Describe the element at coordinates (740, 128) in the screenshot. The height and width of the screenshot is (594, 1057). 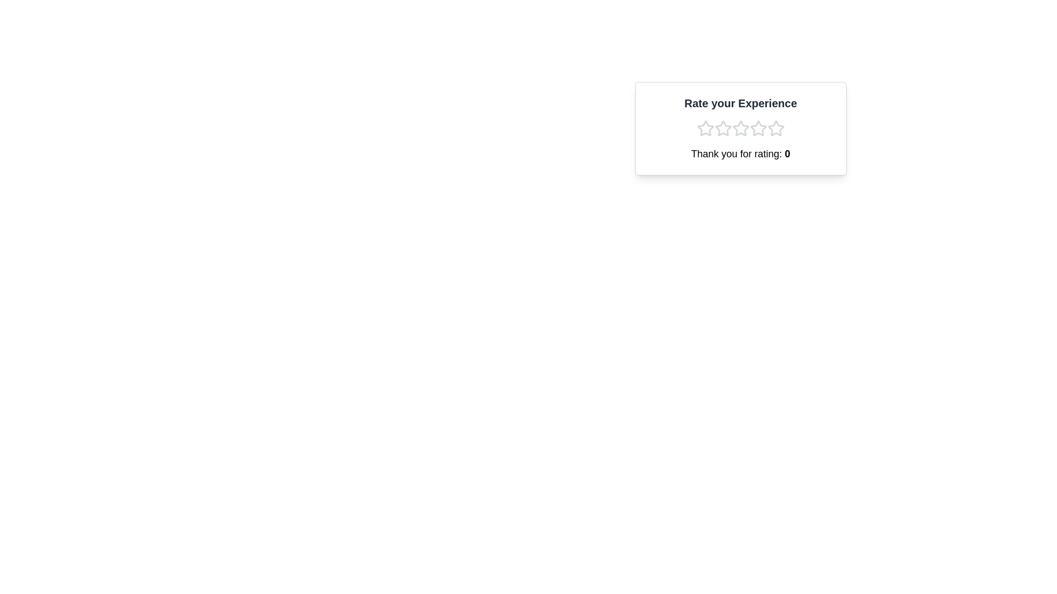
I see `the stars in the interactive rating card titled 'Rate your Experience'` at that location.